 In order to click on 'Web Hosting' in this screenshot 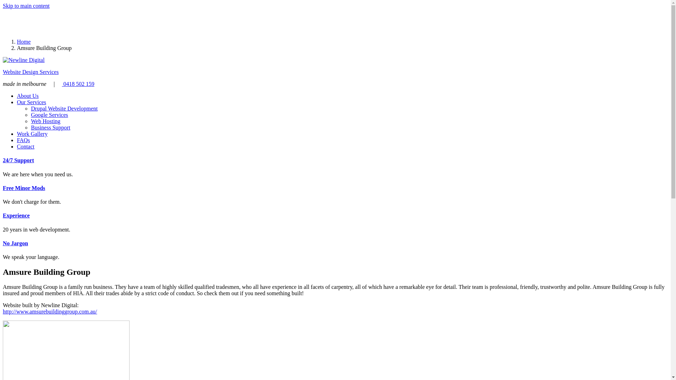, I will do `click(30, 121)`.